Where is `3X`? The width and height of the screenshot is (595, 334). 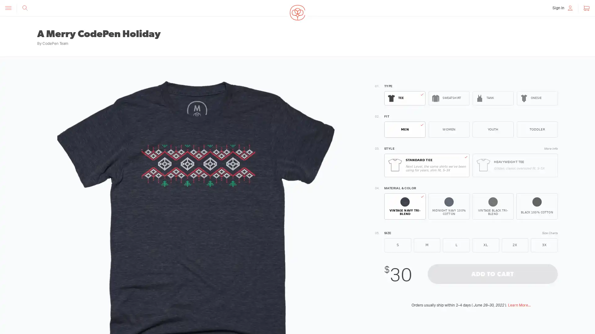 3X is located at coordinates (544, 244).